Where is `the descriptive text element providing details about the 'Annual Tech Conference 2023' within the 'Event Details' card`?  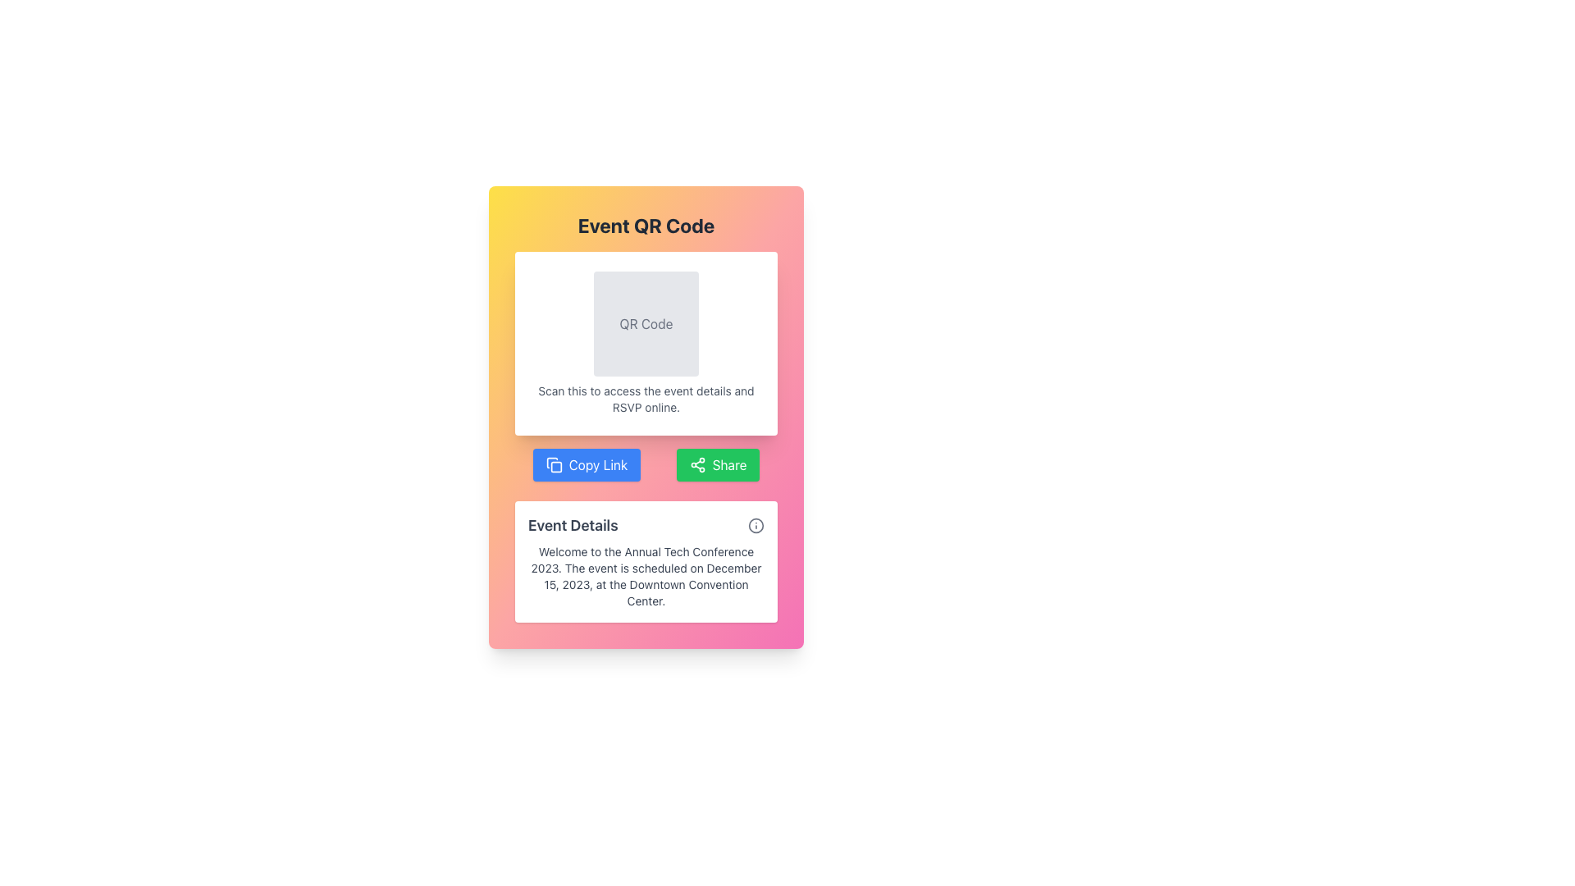
the descriptive text element providing details about the 'Annual Tech Conference 2023' within the 'Event Details' card is located at coordinates (645, 575).